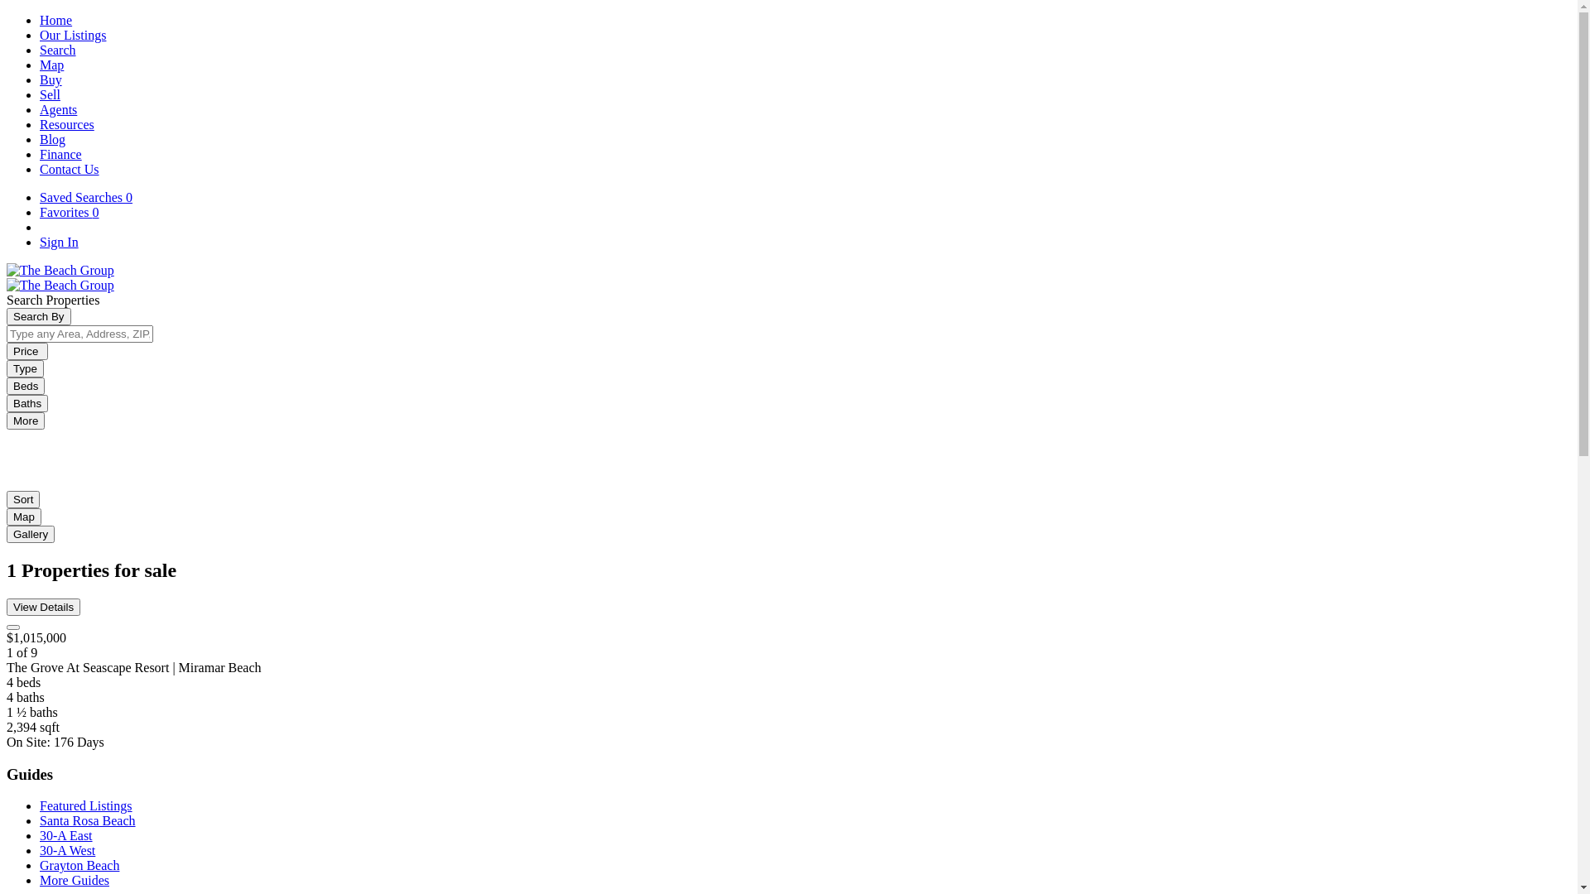  I want to click on 'Gallery', so click(31, 533).